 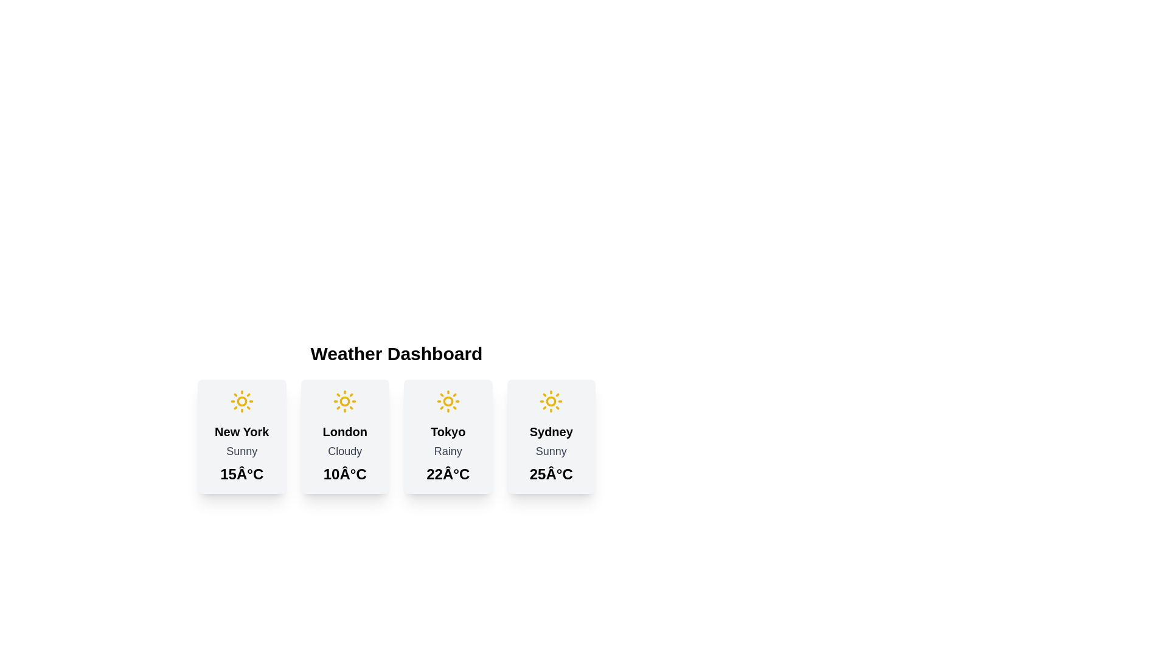 I want to click on the 'Sunny' label displayed in gray, located in the fourth weather card for 'Sydney', positioned below the city name and above the temperature, so click(x=551, y=451).